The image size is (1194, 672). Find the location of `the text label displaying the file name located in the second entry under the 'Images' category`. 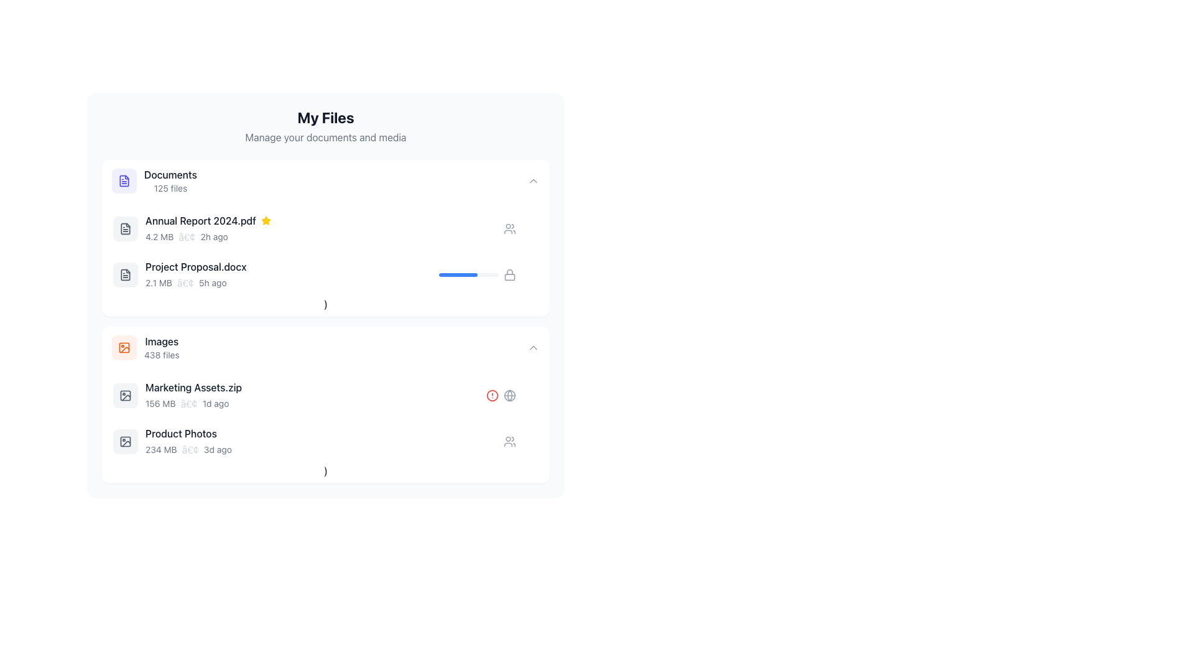

the text label displaying the file name located in the second entry under the 'Images' category is located at coordinates (316, 387).